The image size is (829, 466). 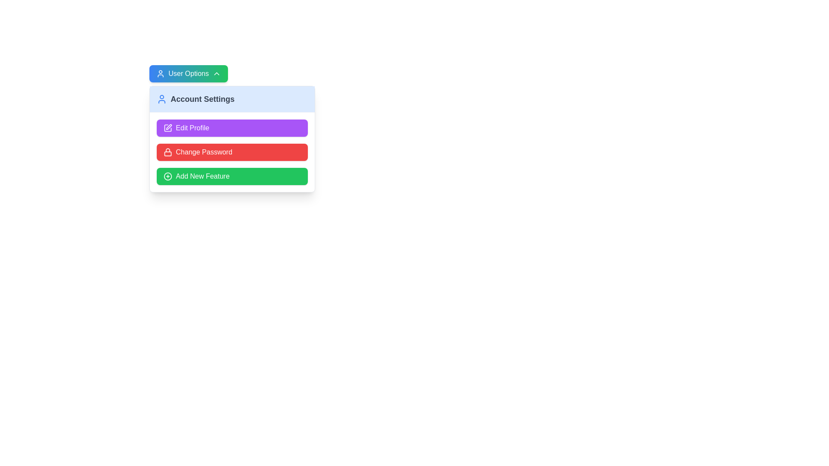 I want to click on the static descriptive label indicating the 'Account Settings' section in the dropdown menu, located below the 'User Options' button, so click(x=232, y=99).